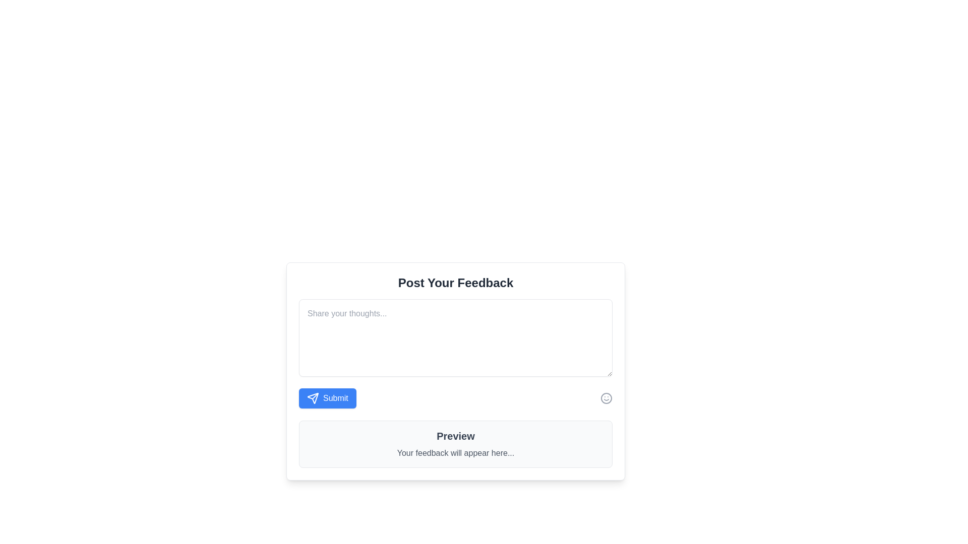  What do you see at coordinates (455, 338) in the screenshot?
I see `the Textarea element that allows users to input textual feedback, which is centrally located in the feedback form` at bounding box center [455, 338].